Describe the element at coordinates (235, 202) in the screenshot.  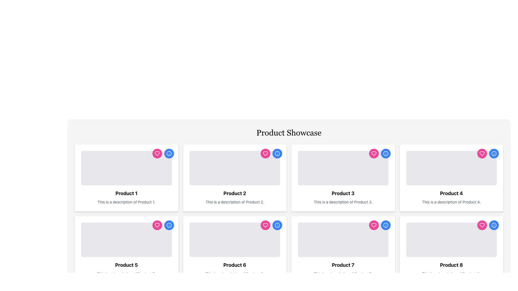
I see `the text label that reads 'This is a description of Product 2' located under the title 'Product 2' in the second product card of the grid layout` at that location.